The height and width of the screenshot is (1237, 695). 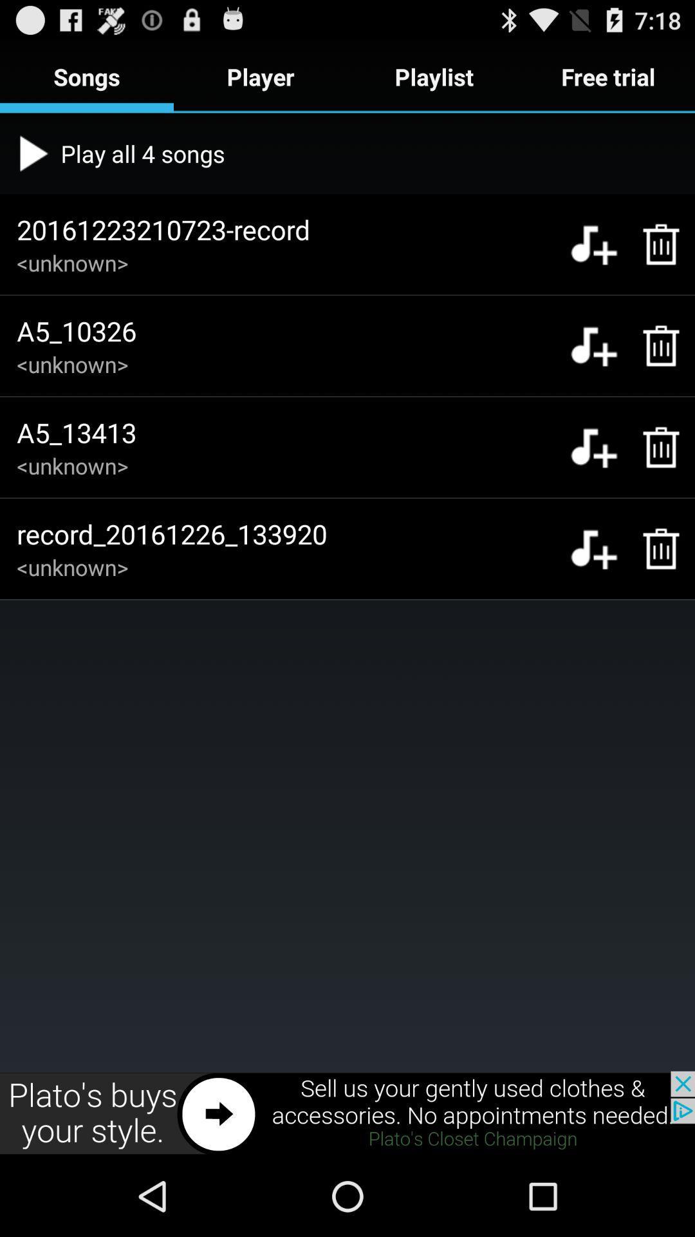 I want to click on delete a5_13413, so click(x=654, y=447).